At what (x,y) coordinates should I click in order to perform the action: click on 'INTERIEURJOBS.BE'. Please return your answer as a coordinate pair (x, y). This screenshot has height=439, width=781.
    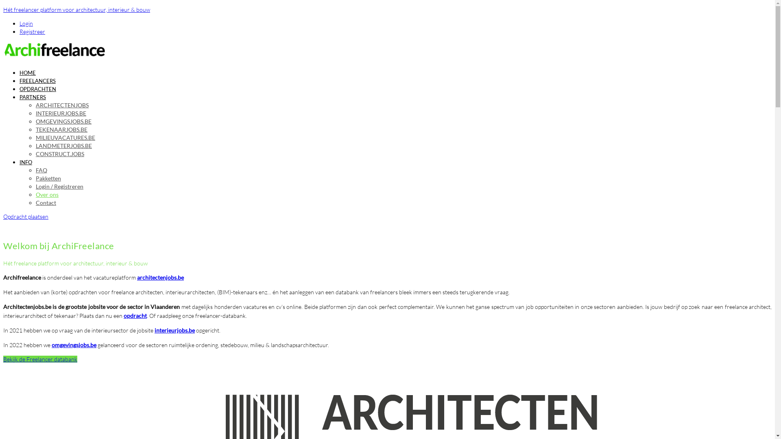
    Looking at the image, I should click on (35, 113).